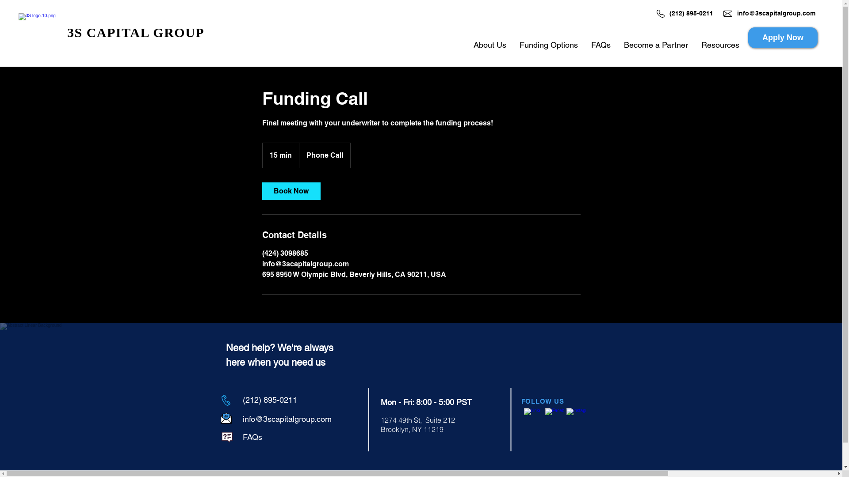 The image size is (849, 477). Describe the element at coordinates (548, 45) in the screenshot. I see `'Funding Options'` at that location.